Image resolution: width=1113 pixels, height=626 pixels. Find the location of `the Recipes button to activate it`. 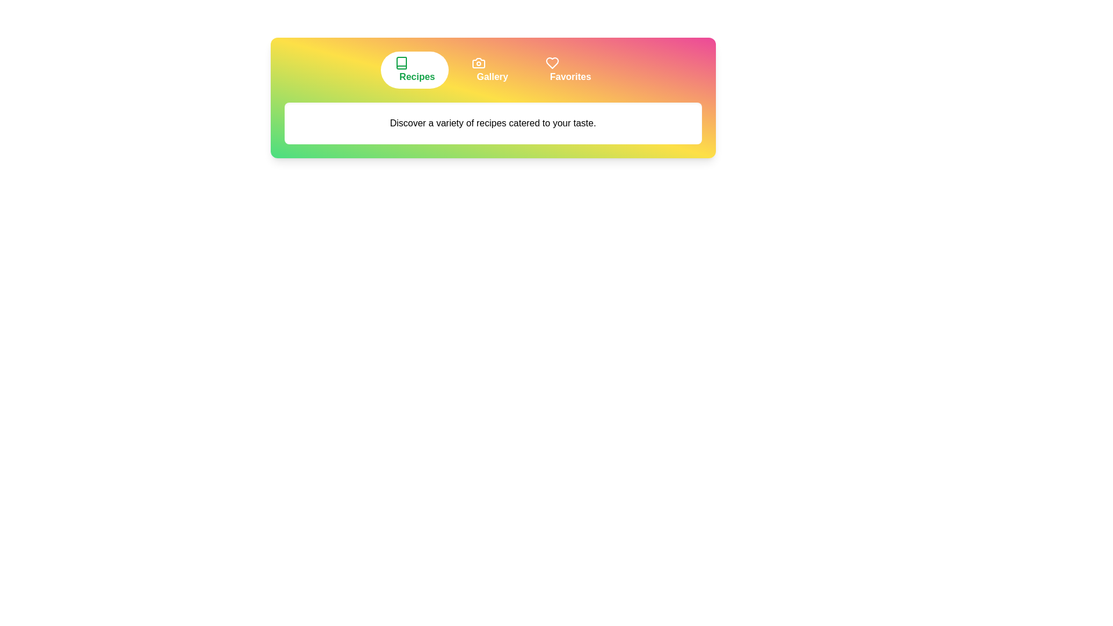

the Recipes button to activate it is located at coordinates (414, 70).